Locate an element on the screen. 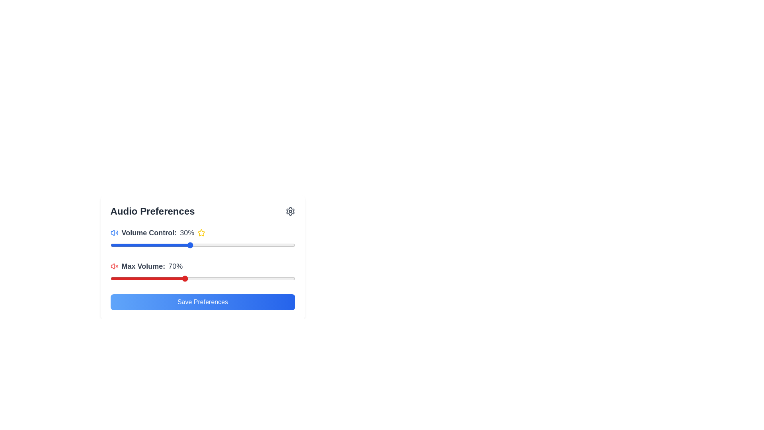 The image size is (764, 430). the max volume is located at coordinates (129, 278).